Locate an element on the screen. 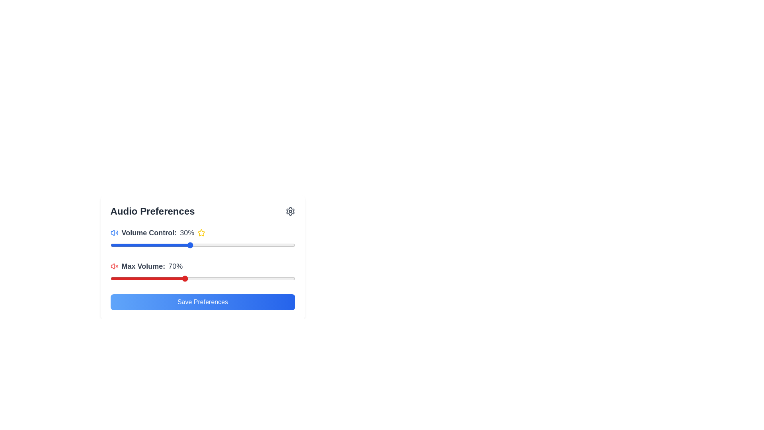 The image size is (764, 430). the max volume is located at coordinates (129, 278).